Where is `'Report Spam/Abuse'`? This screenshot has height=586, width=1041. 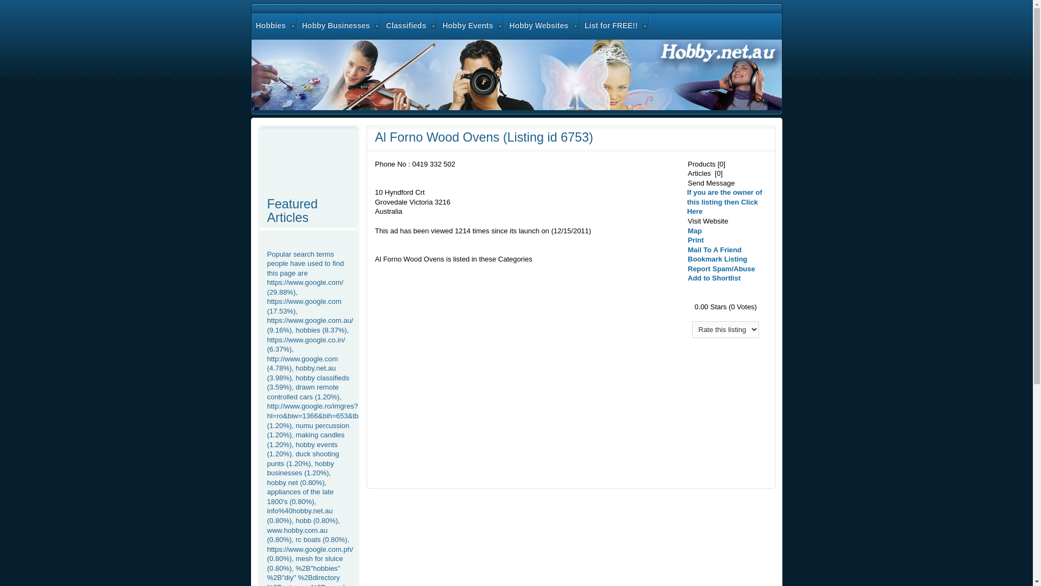
'Report Spam/Abuse' is located at coordinates (721, 269).